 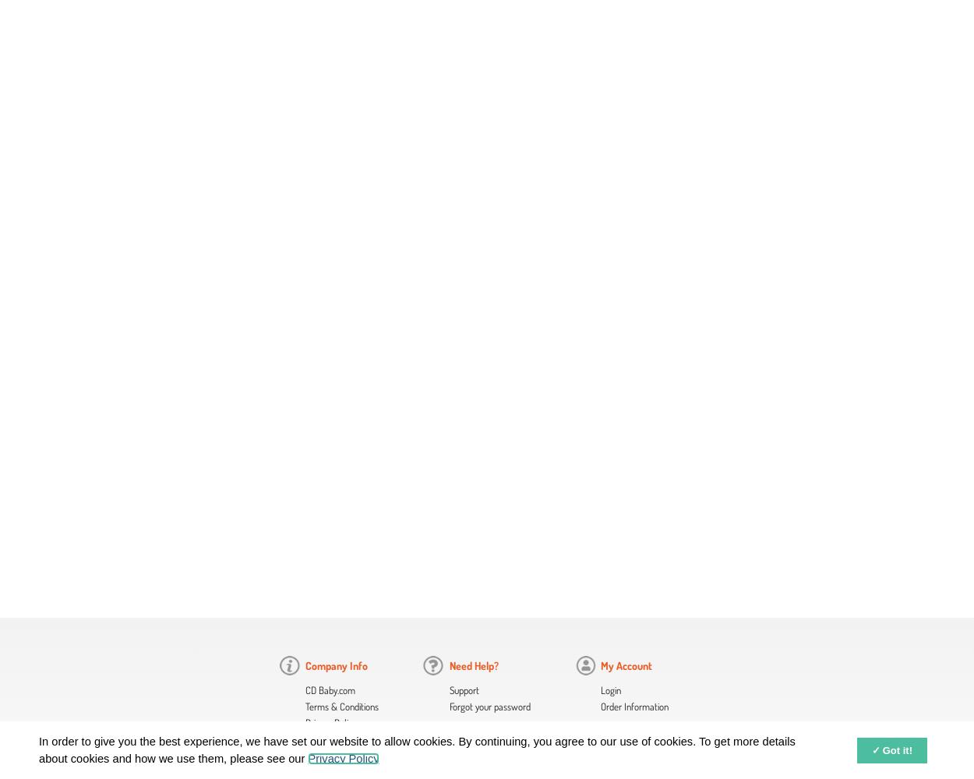 I want to click on 'Need Help?', so click(x=448, y=664).